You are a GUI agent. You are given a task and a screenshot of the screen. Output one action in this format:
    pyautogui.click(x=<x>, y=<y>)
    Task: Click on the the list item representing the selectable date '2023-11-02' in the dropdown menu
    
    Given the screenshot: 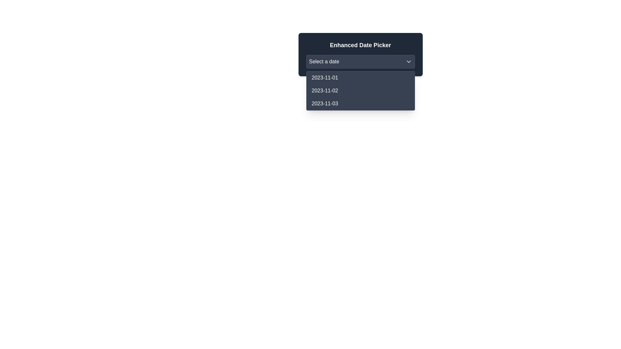 What is the action you would take?
    pyautogui.click(x=360, y=91)
    